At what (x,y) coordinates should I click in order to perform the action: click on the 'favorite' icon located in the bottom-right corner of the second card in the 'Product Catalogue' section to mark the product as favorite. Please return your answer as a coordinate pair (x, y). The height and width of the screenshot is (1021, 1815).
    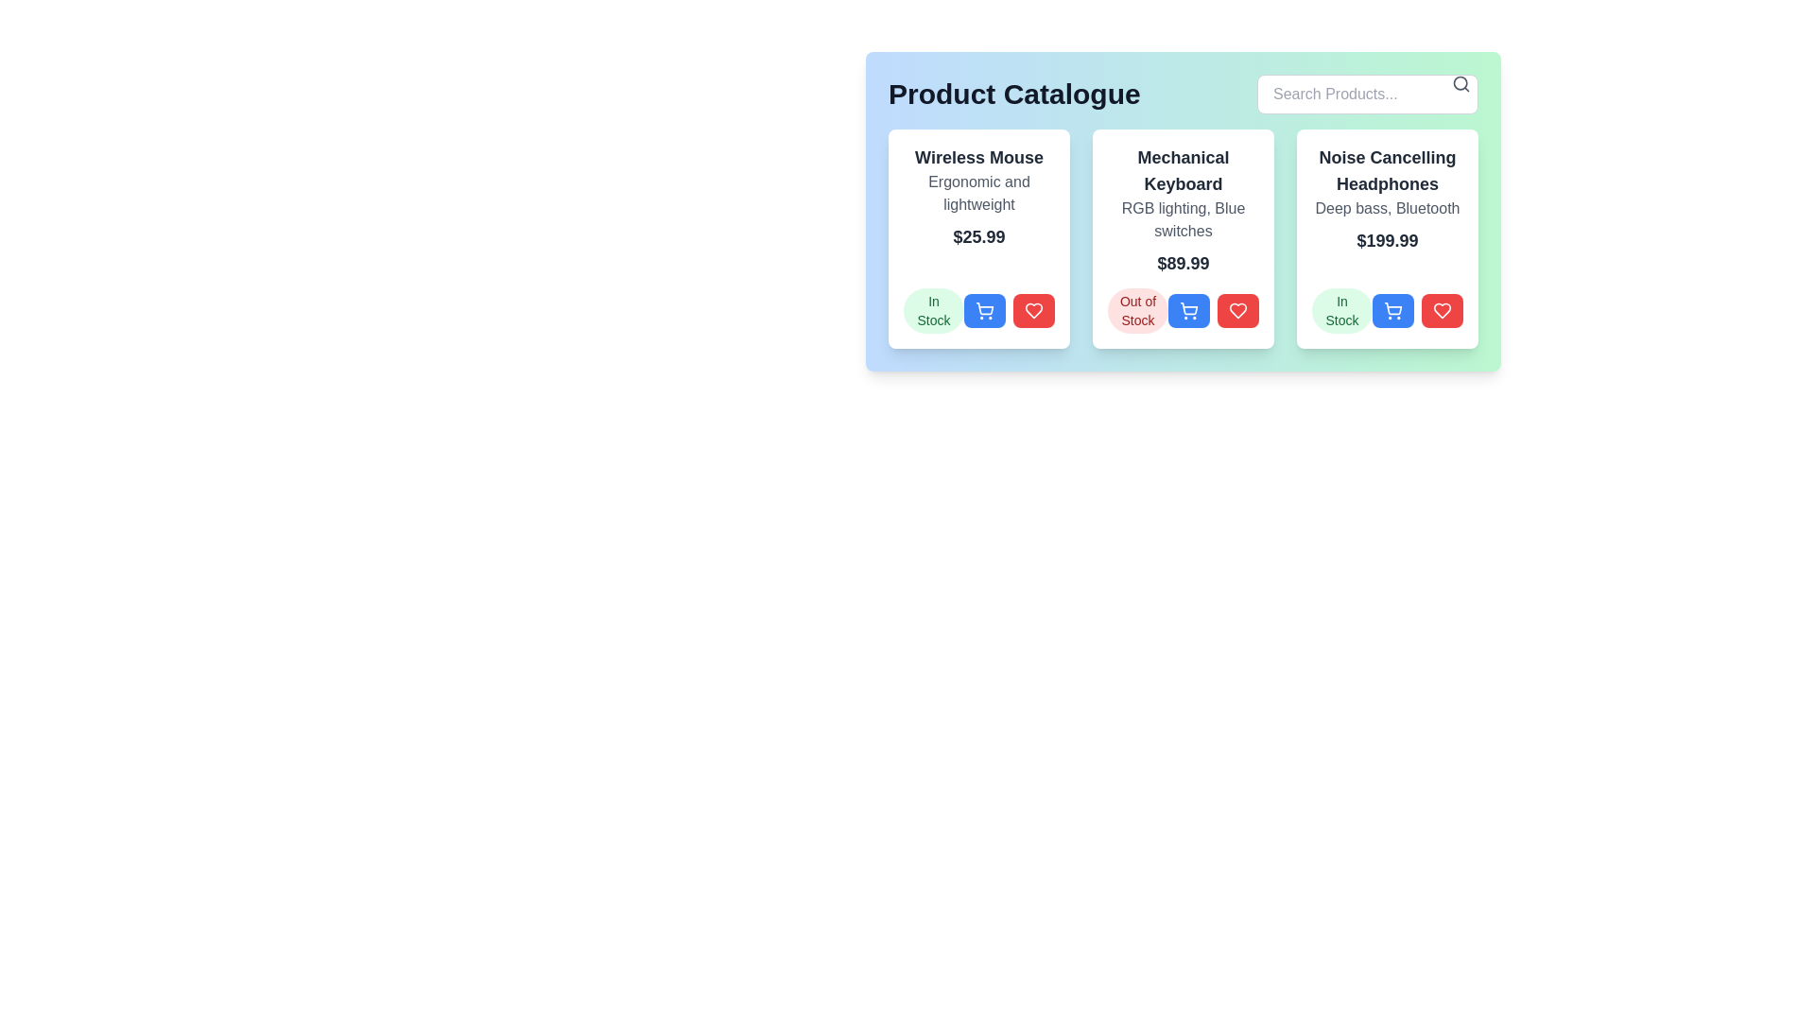
    Looking at the image, I should click on (1238, 309).